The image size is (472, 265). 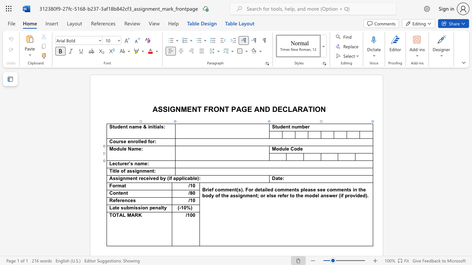 I want to click on the 2th character "n" in the text, so click(x=134, y=178).